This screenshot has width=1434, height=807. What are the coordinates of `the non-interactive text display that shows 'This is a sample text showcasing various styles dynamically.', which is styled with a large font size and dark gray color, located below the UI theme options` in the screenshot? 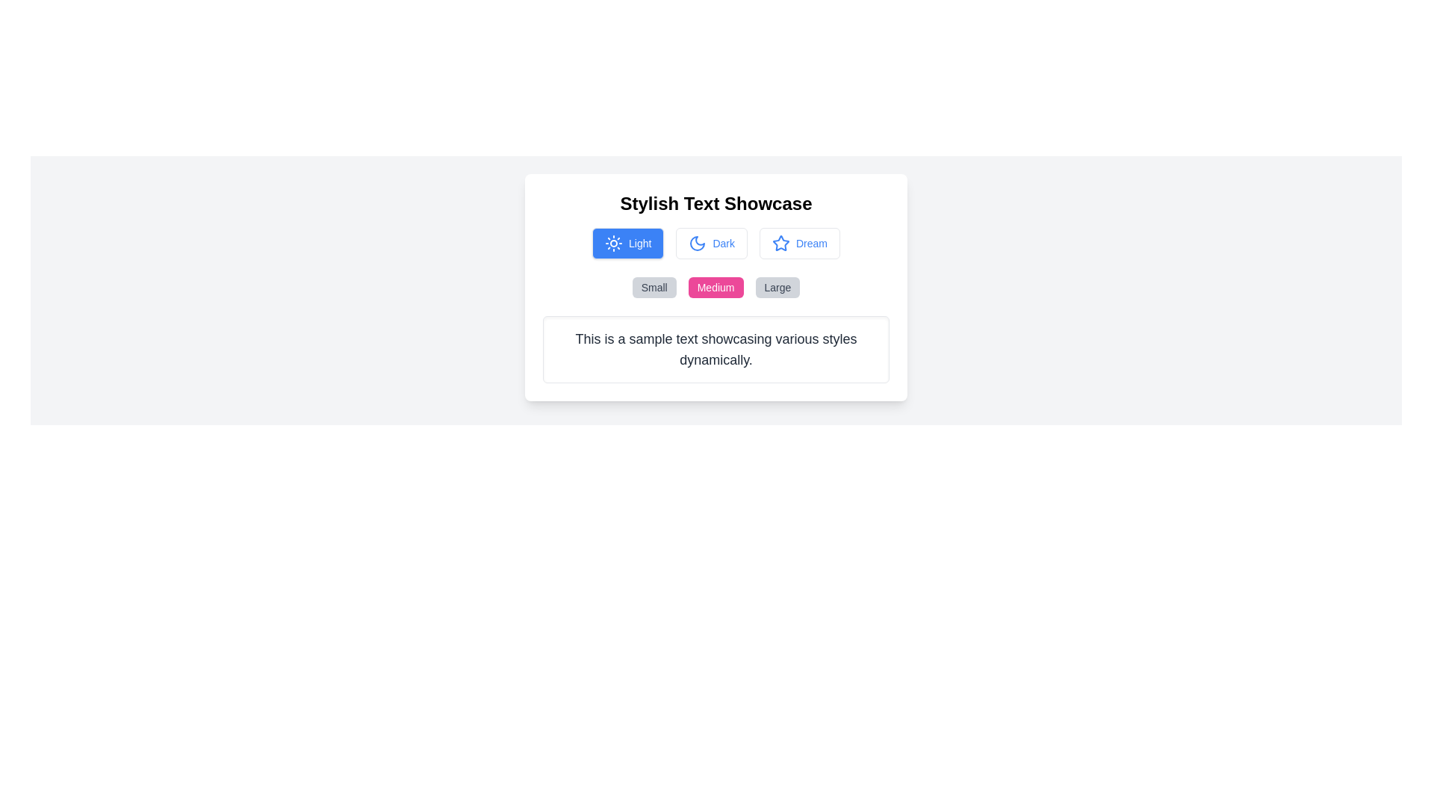 It's located at (716, 349).